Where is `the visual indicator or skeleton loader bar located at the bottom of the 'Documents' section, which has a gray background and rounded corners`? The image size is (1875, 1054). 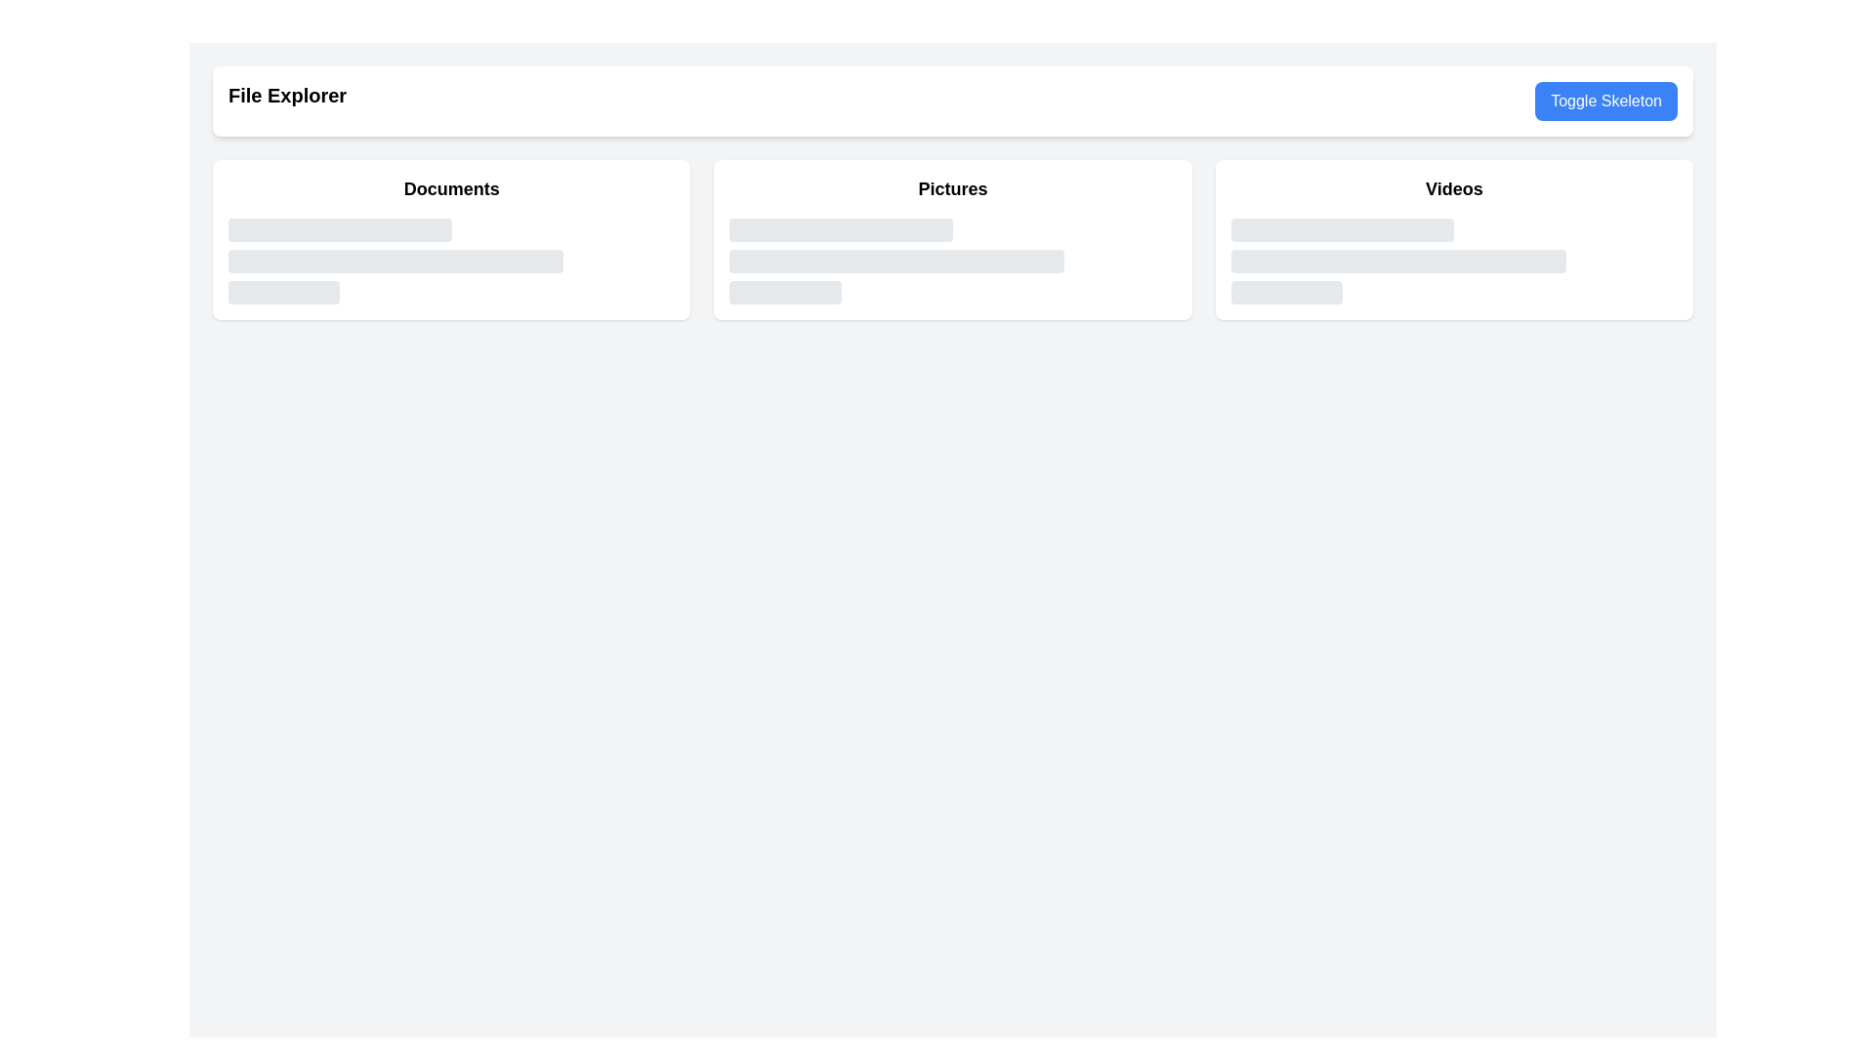
the visual indicator or skeleton loader bar located at the bottom of the 'Documents' section, which has a gray background and rounded corners is located at coordinates (283, 293).